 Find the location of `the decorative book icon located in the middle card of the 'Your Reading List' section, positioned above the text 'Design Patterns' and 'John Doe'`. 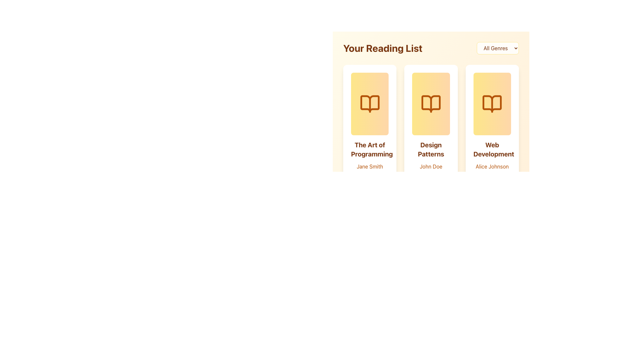

the decorative book icon located in the middle card of the 'Your Reading List' section, positioned above the text 'Design Patterns' and 'John Doe' is located at coordinates (431, 104).